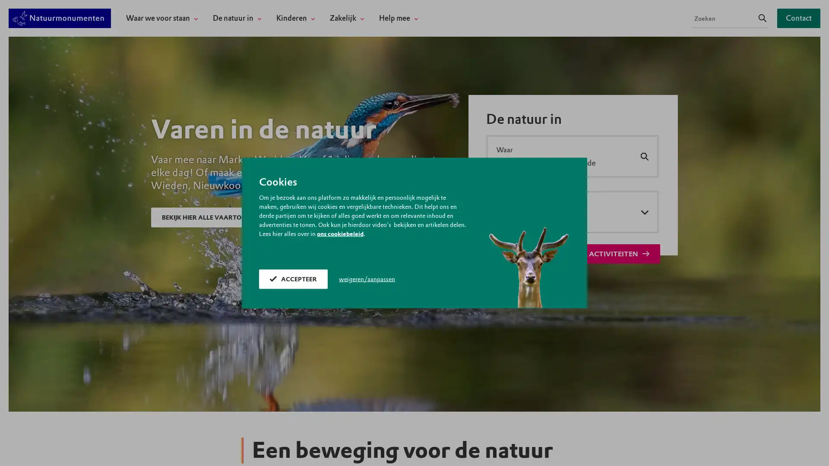  I want to click on weigeren/aanpassen, so click(367, 279).